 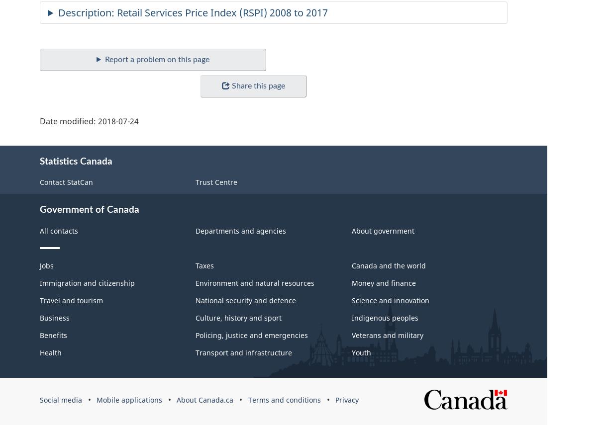 I want to click on 'Statistics Canada', so click(x=76, y=161).